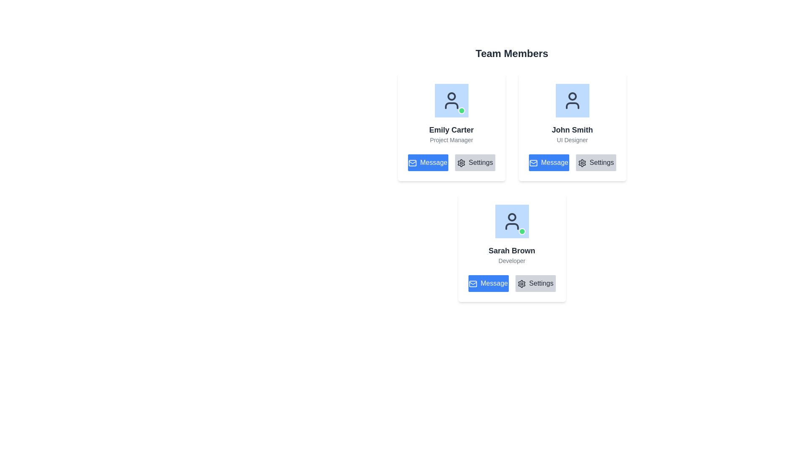  What do you see at coordinates (533, 163) in the screenshot?
I see `the rectangle element of the envelope icon associated with the 'Message' button for John Smith, UI Designer's profile card located in the top-right corner of the grid layout` at bounding box center [533, 163].